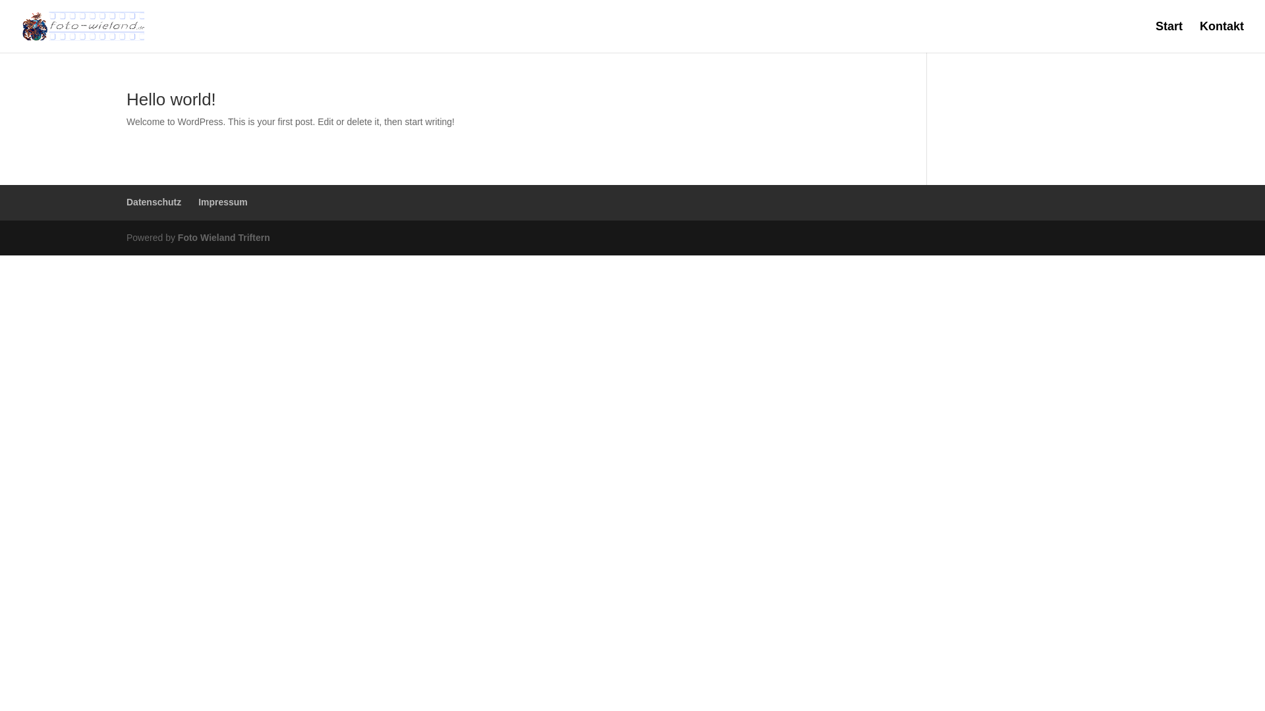  What do you see at coordinates (177, 238) in the screenshot?
I see `'Foto Wieland Triftern'` at bounding box center [177, 238].